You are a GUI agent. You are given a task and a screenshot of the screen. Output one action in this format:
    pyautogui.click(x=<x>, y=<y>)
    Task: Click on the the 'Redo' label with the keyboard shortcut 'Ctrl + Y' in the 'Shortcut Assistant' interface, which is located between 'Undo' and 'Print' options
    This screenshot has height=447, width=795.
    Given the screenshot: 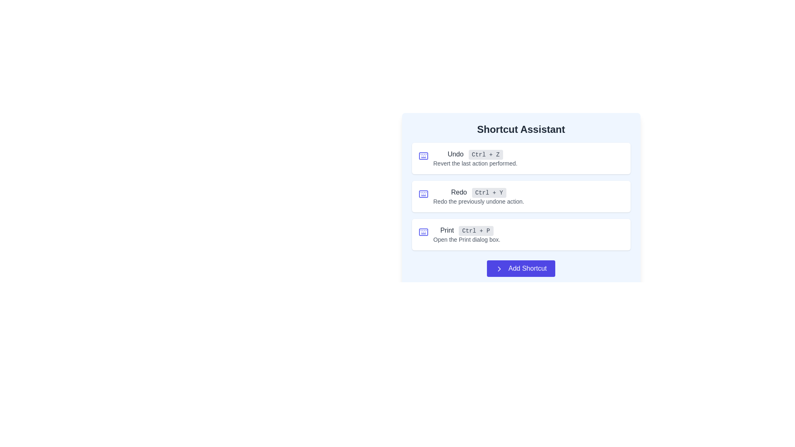 What is the action you would take?
    pyautogui.click(x=479, y=192)
    